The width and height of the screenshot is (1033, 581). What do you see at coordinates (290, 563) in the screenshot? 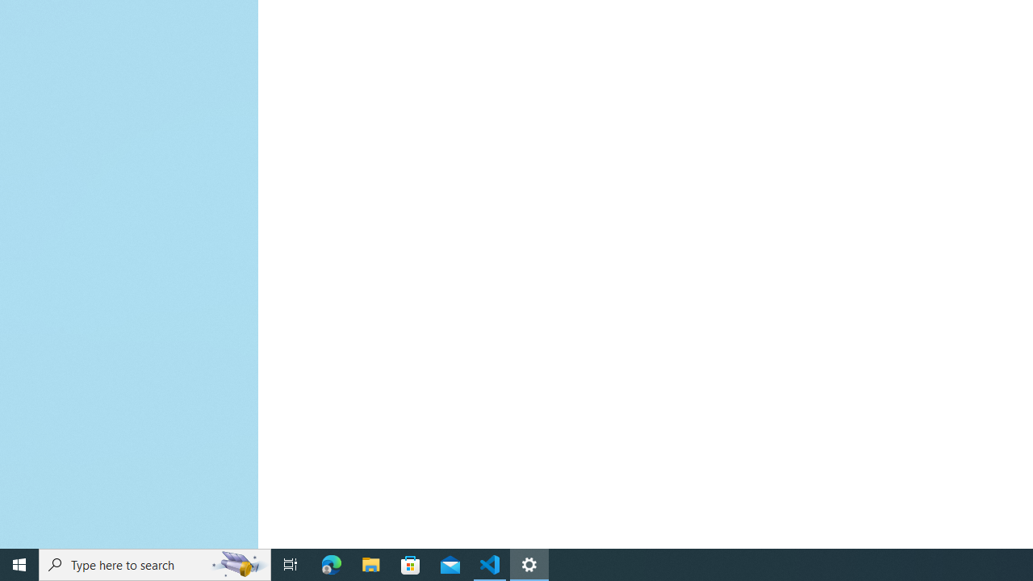
I see `'Task View'` at bounding box center [290, 563].